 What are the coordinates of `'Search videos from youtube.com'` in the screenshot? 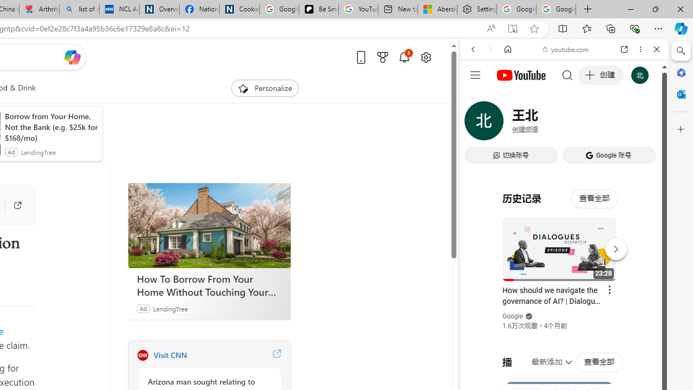 It's located at (545, 356).